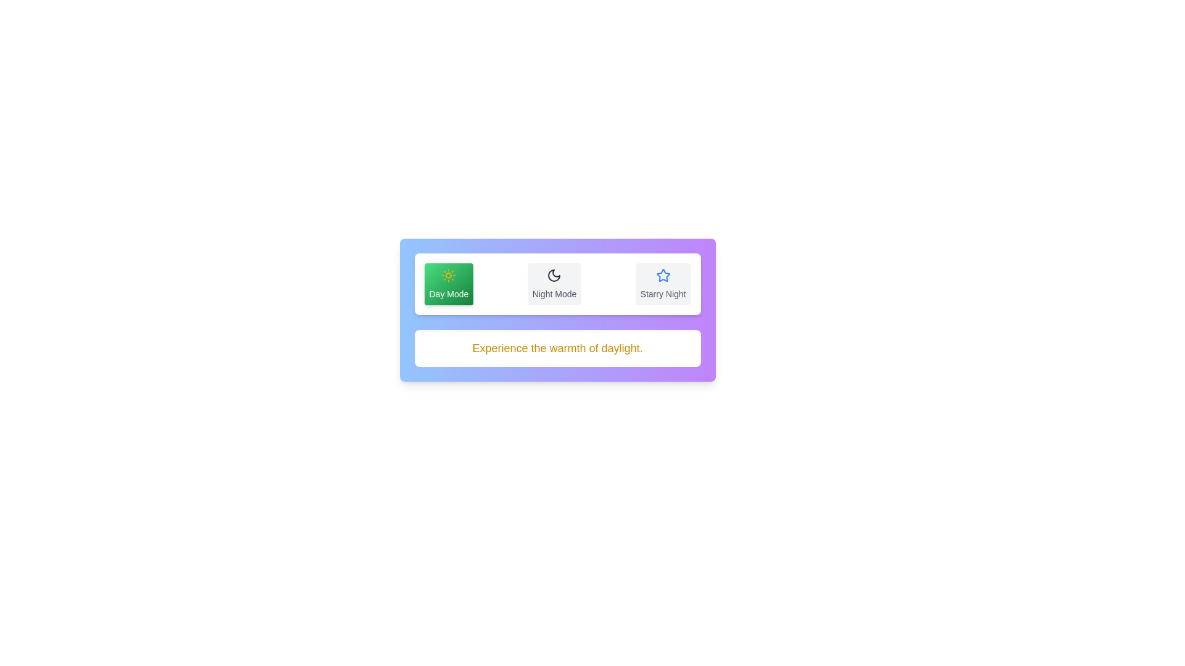  I want to click on the 'Day Mode' icon located at the center of the green 'Day Mode' button, so click(448, 275).